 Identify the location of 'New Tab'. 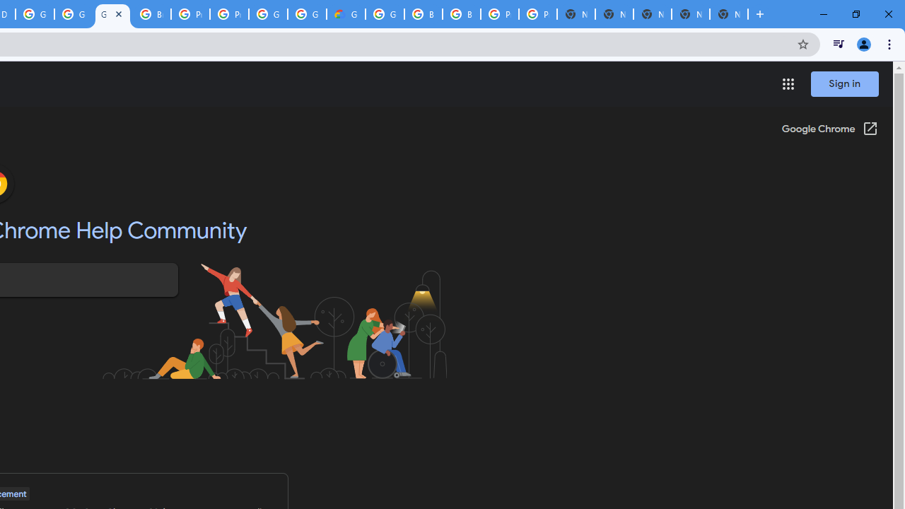
(759, 14).